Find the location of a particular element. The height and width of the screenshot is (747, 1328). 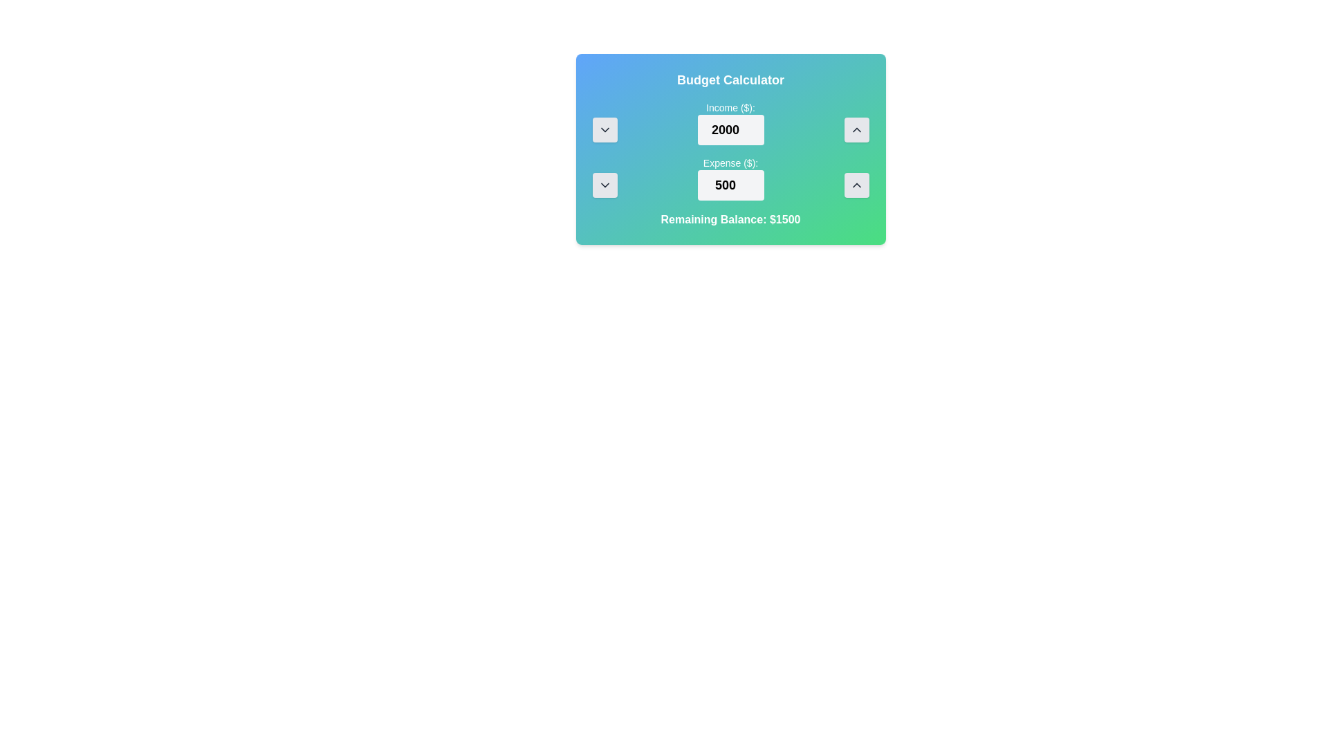

the income label, which describes the income input field for the budget calculator interface, located at the top and centered above the input field is located at coordinates (730, 107).